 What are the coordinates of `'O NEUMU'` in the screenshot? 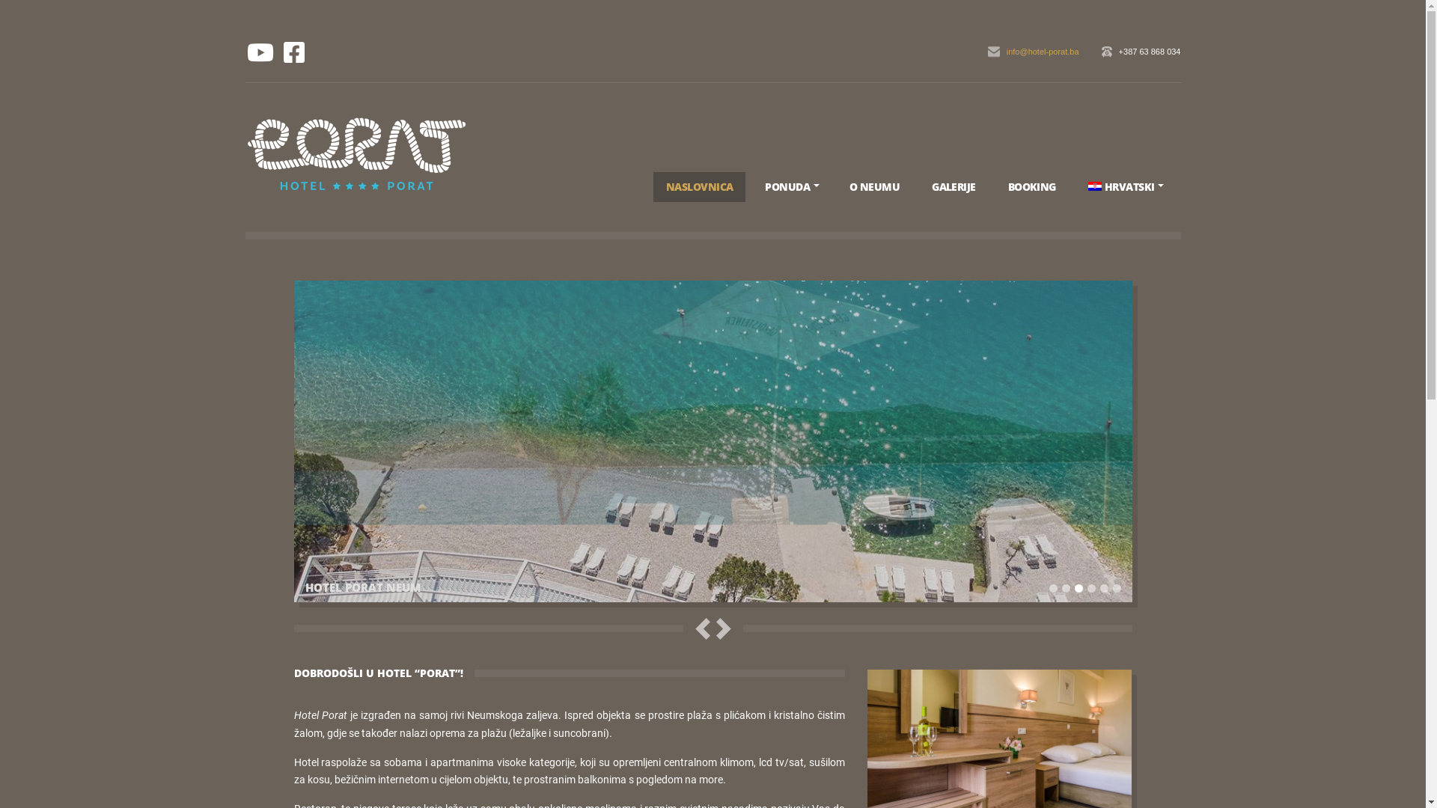 It's located at (874, 186).